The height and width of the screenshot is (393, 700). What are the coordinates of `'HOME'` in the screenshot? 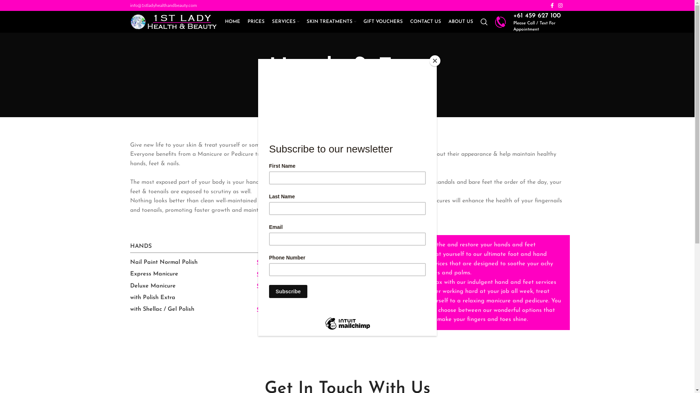 It's located at (224, 21).